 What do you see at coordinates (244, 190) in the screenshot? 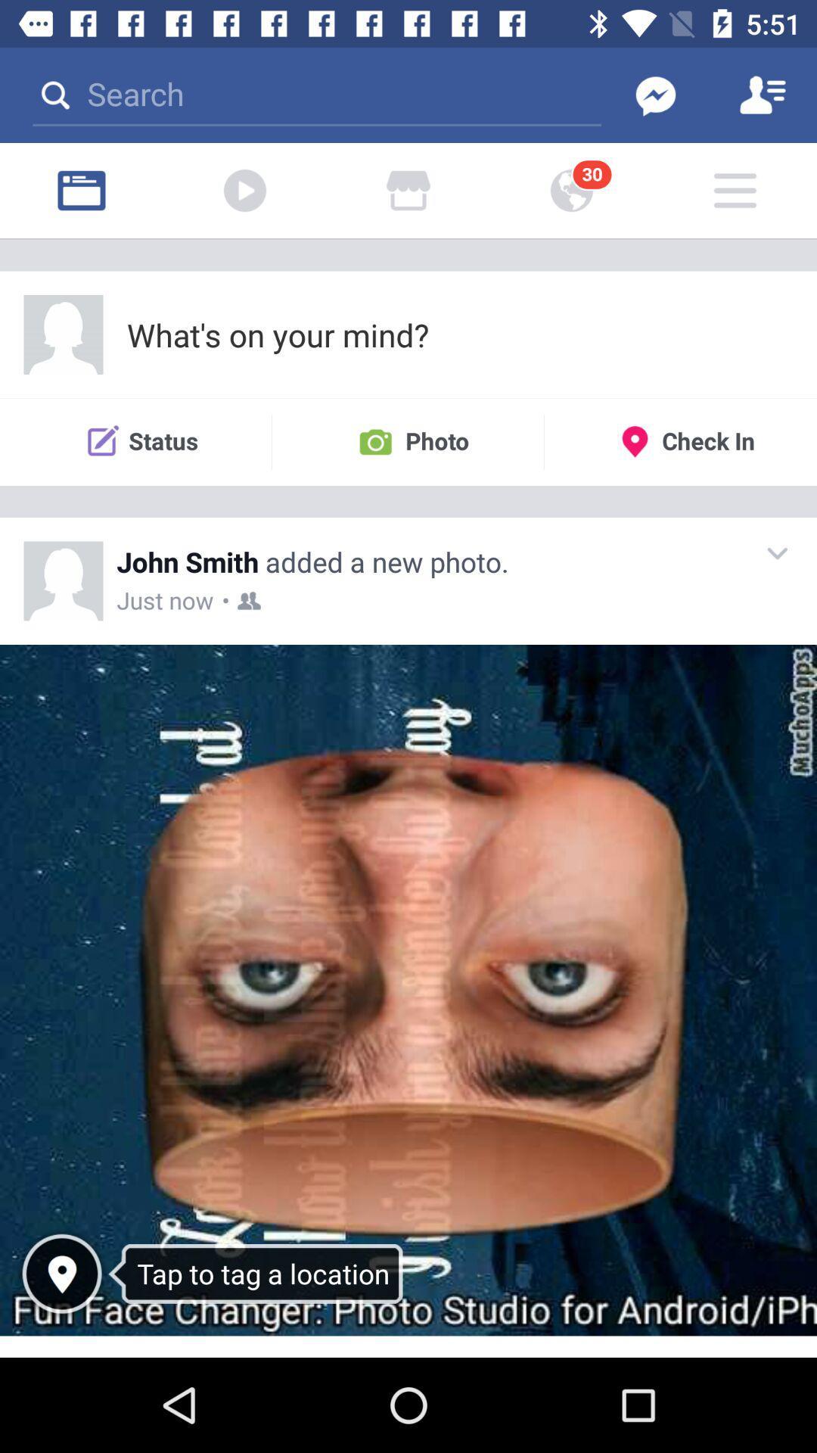
I see `the play icon` at bounding box center [244, 190].